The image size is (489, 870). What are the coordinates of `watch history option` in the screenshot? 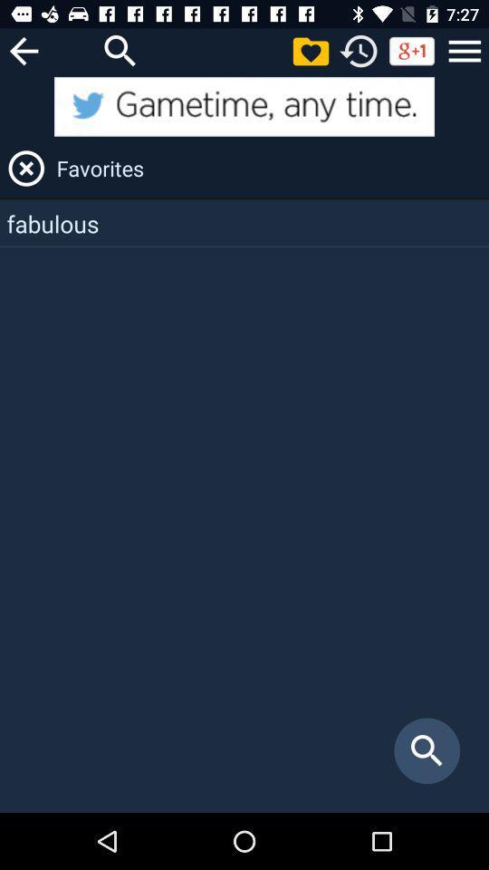 It's located at (359, 50).